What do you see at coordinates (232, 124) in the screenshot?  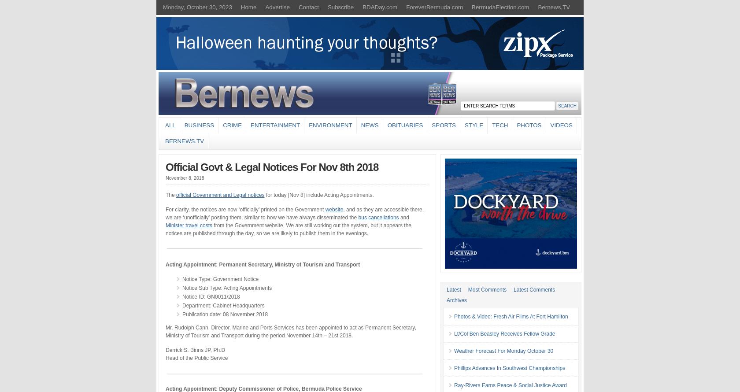 I see `'Crime'` at bounding box center [232, 124].